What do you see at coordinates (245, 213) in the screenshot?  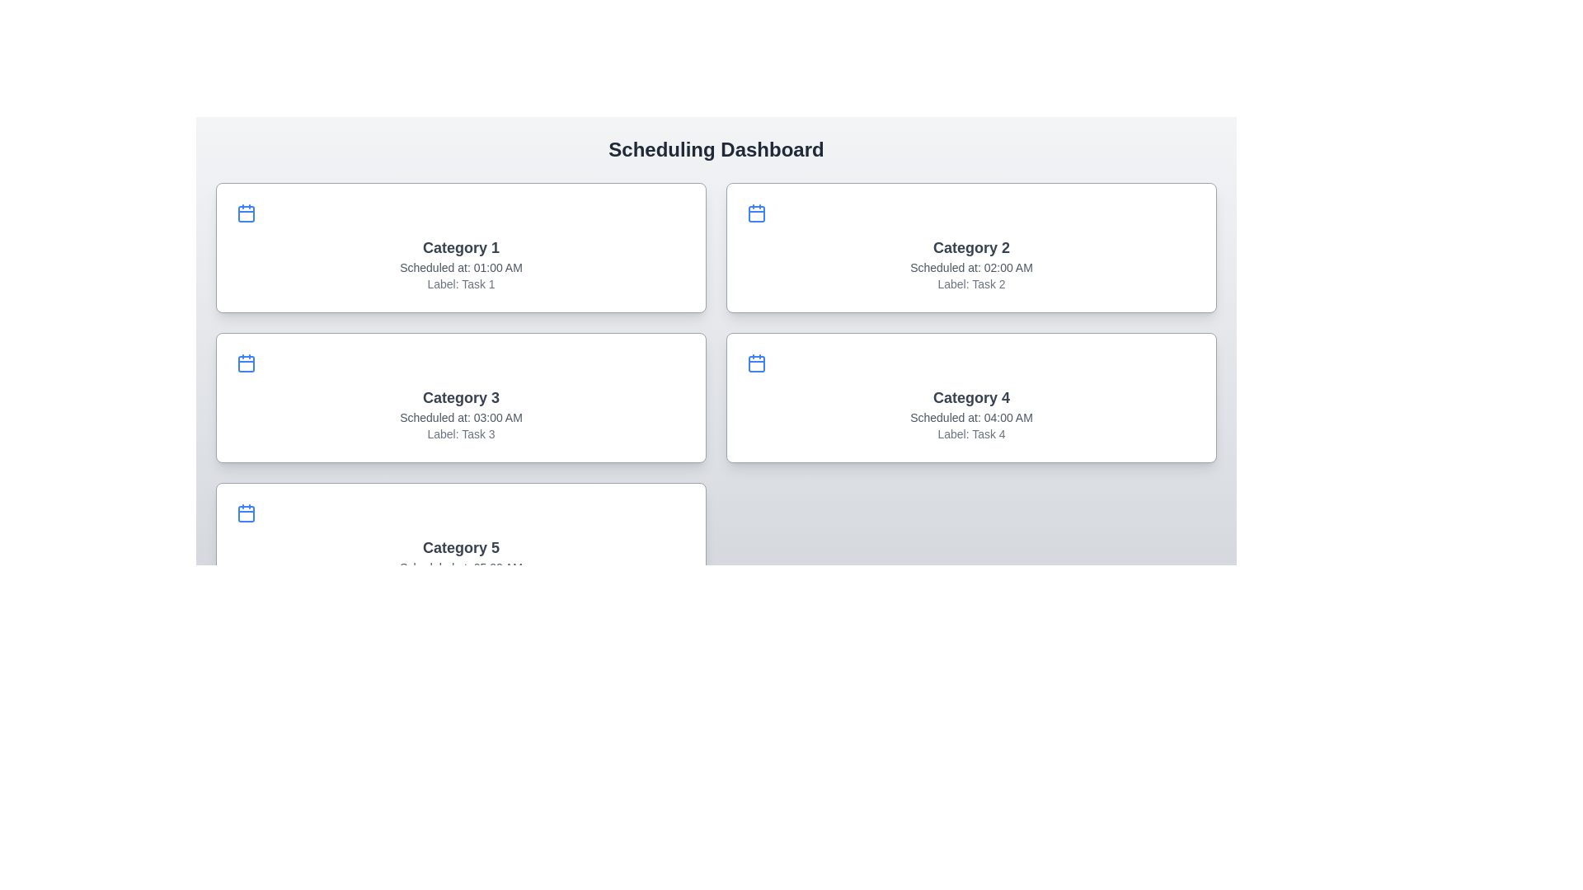 I see `the decorative shape within the SVG calendar icon located in the 'Category 1' card at the top left corner of the graphical user interface` at bounding box center [245, 213].